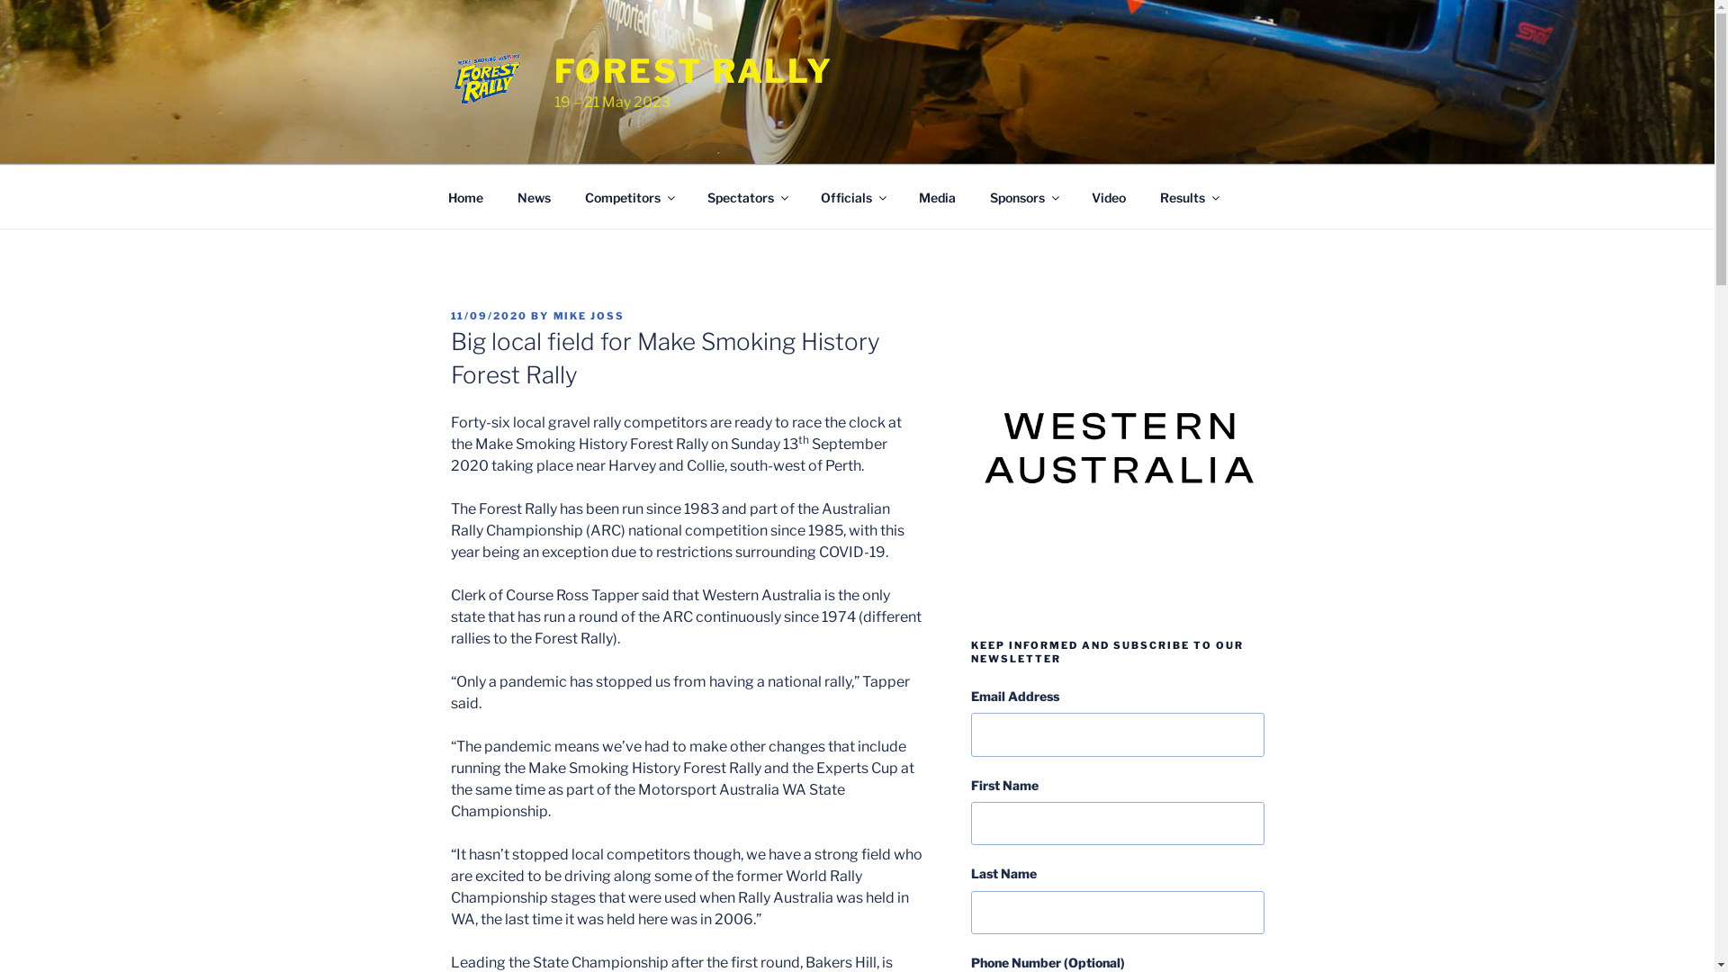 Image resolution: width=1728 pixels, height=972 pixels. I want to click on 'Media', so click(936, 196).